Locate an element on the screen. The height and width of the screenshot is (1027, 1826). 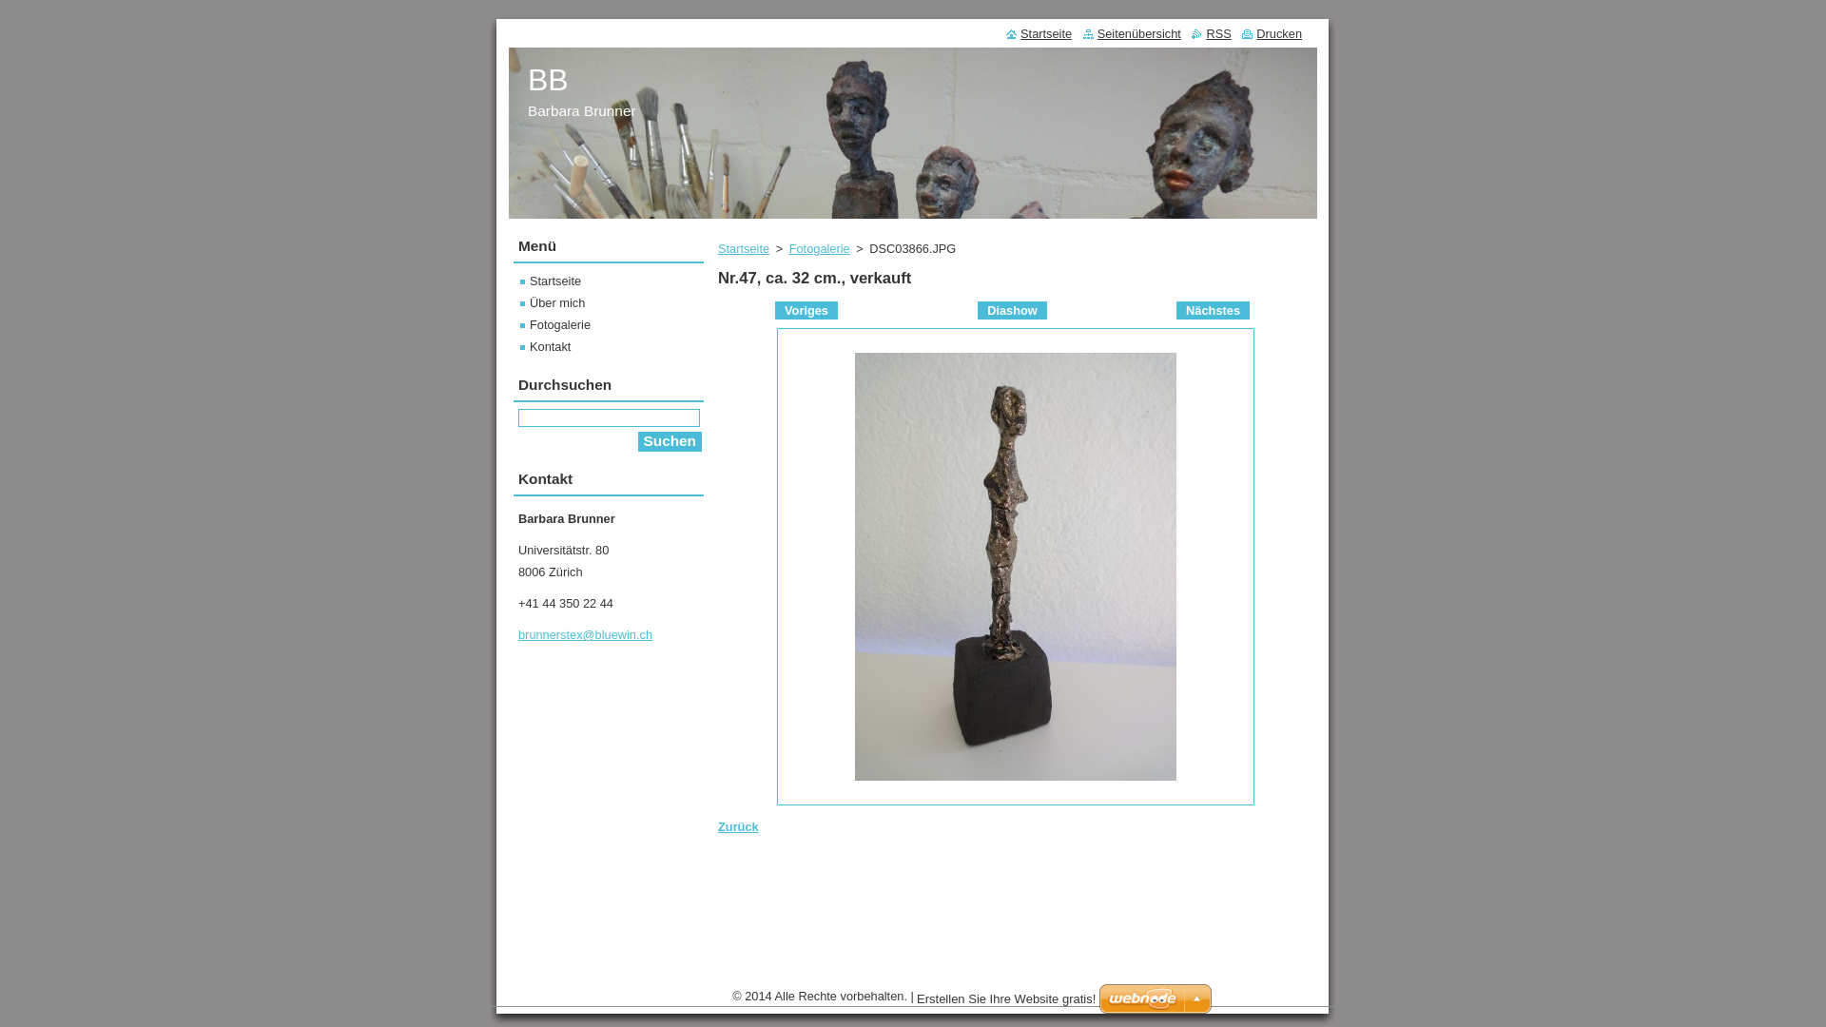
'Erstellen Sie Ihre Website gratis!' is located at coordinates (1004, 998).